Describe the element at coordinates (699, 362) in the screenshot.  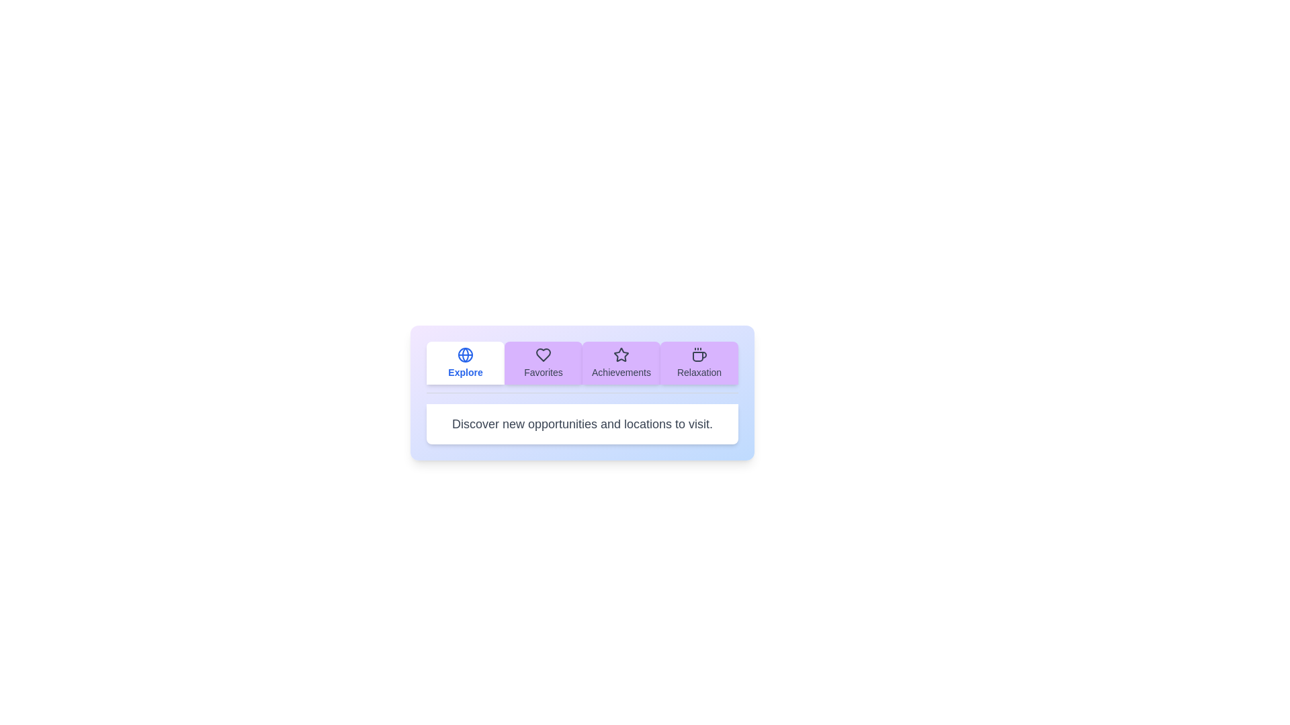
I see `the tab labeled Relaxation to view its content` at that location.